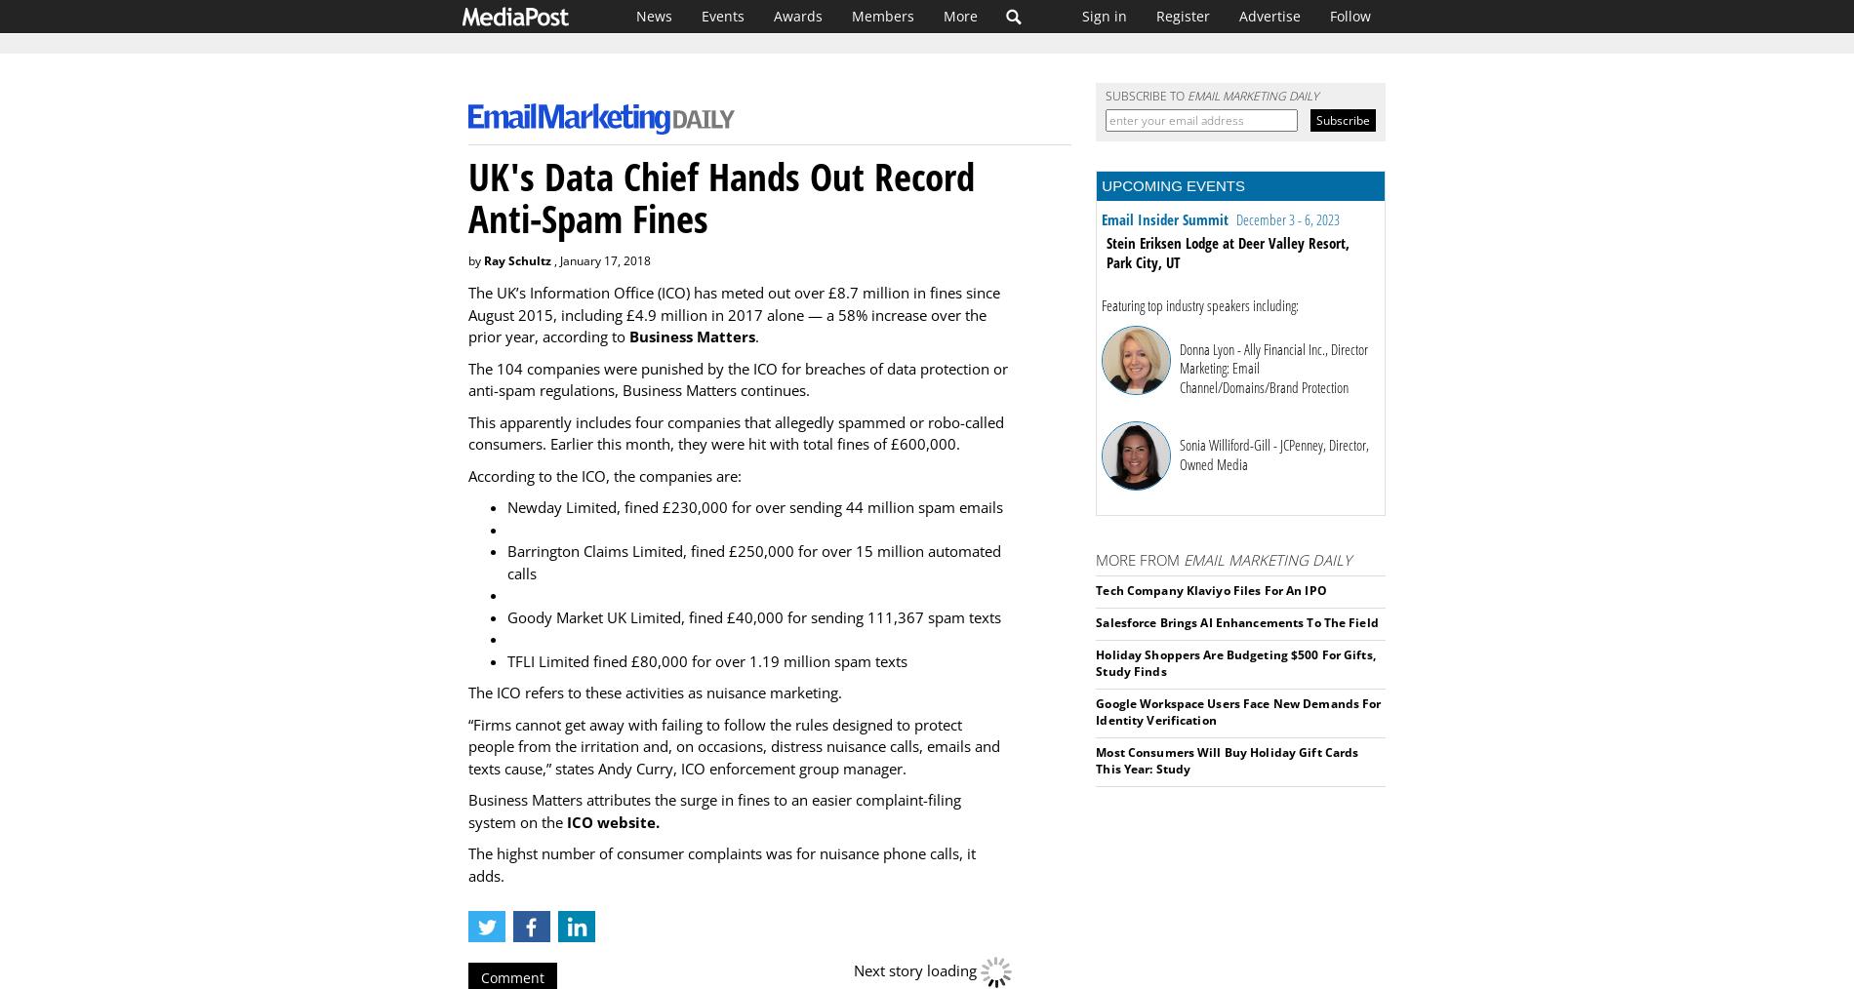 This screenshot has height=989, width=1854. Describe the element at coordinates (467, 692) in the screenshot. I see `'The ICO refers to these activities as nuisance marketing.'` at that location.